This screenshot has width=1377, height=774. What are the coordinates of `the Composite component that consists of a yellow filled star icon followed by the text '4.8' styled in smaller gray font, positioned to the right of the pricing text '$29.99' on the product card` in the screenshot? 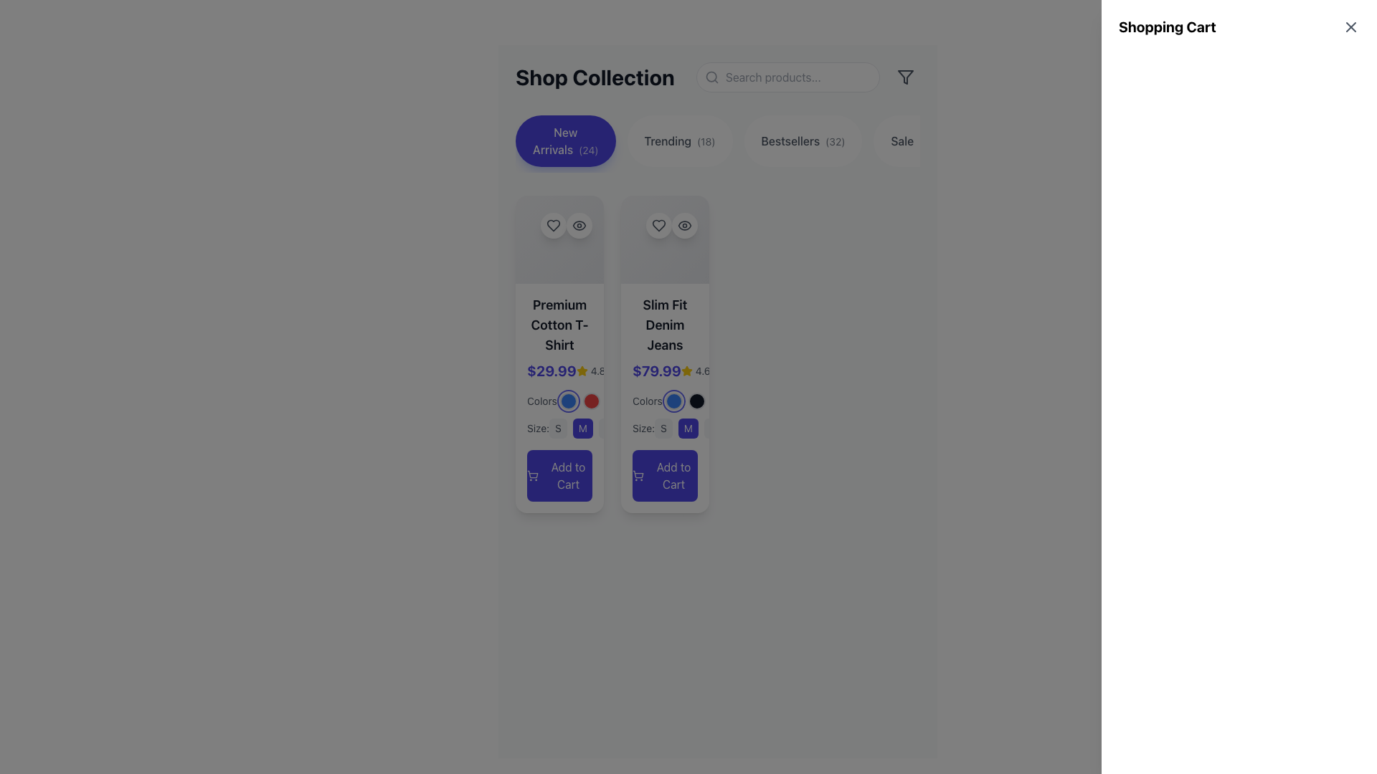 It's located at (591, 370).